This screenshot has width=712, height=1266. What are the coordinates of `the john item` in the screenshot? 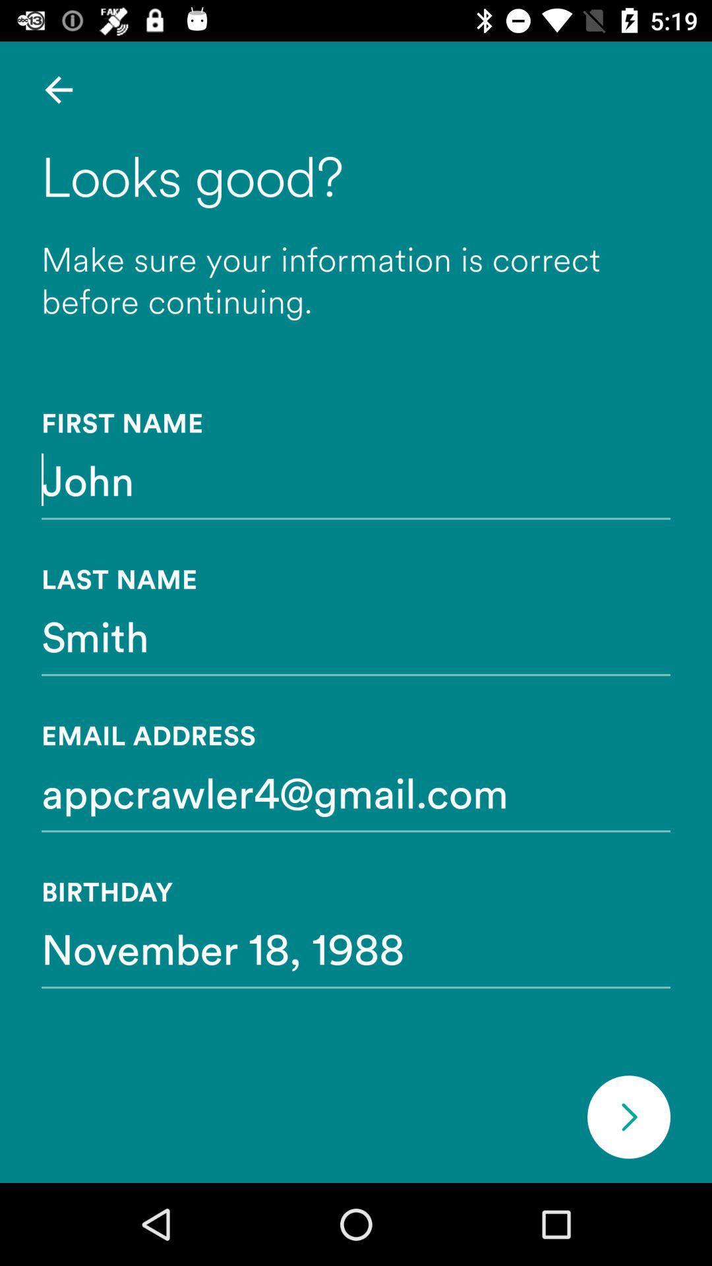 It's located at (356, 479).